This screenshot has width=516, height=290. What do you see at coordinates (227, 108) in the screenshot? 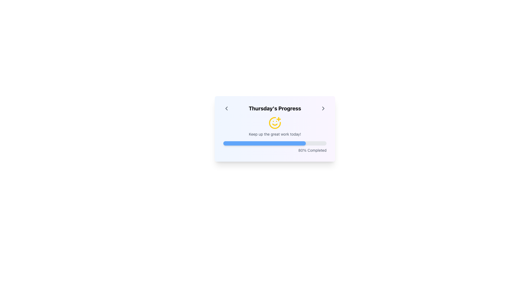
I see `the navigational button located to the left of the 'Thursday's Progress' text` at bounding box center [227, 108].